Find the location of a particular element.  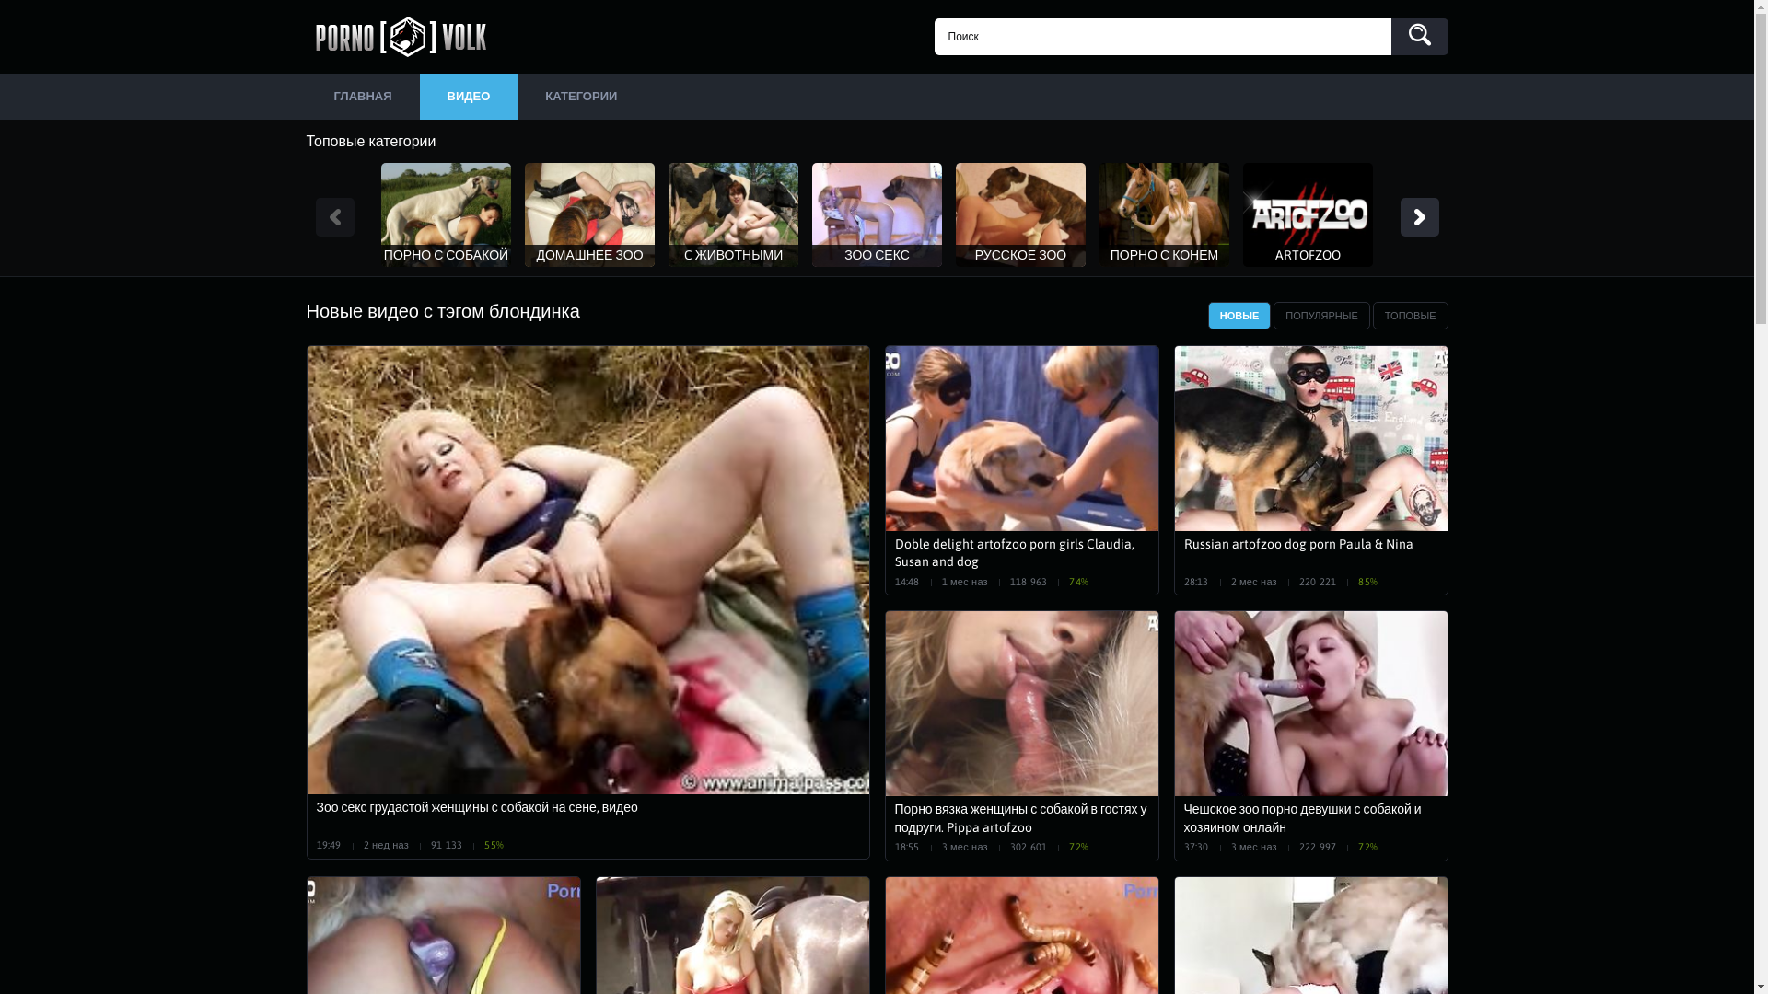

'PornoVolk' is located at coordinates (405, 36).